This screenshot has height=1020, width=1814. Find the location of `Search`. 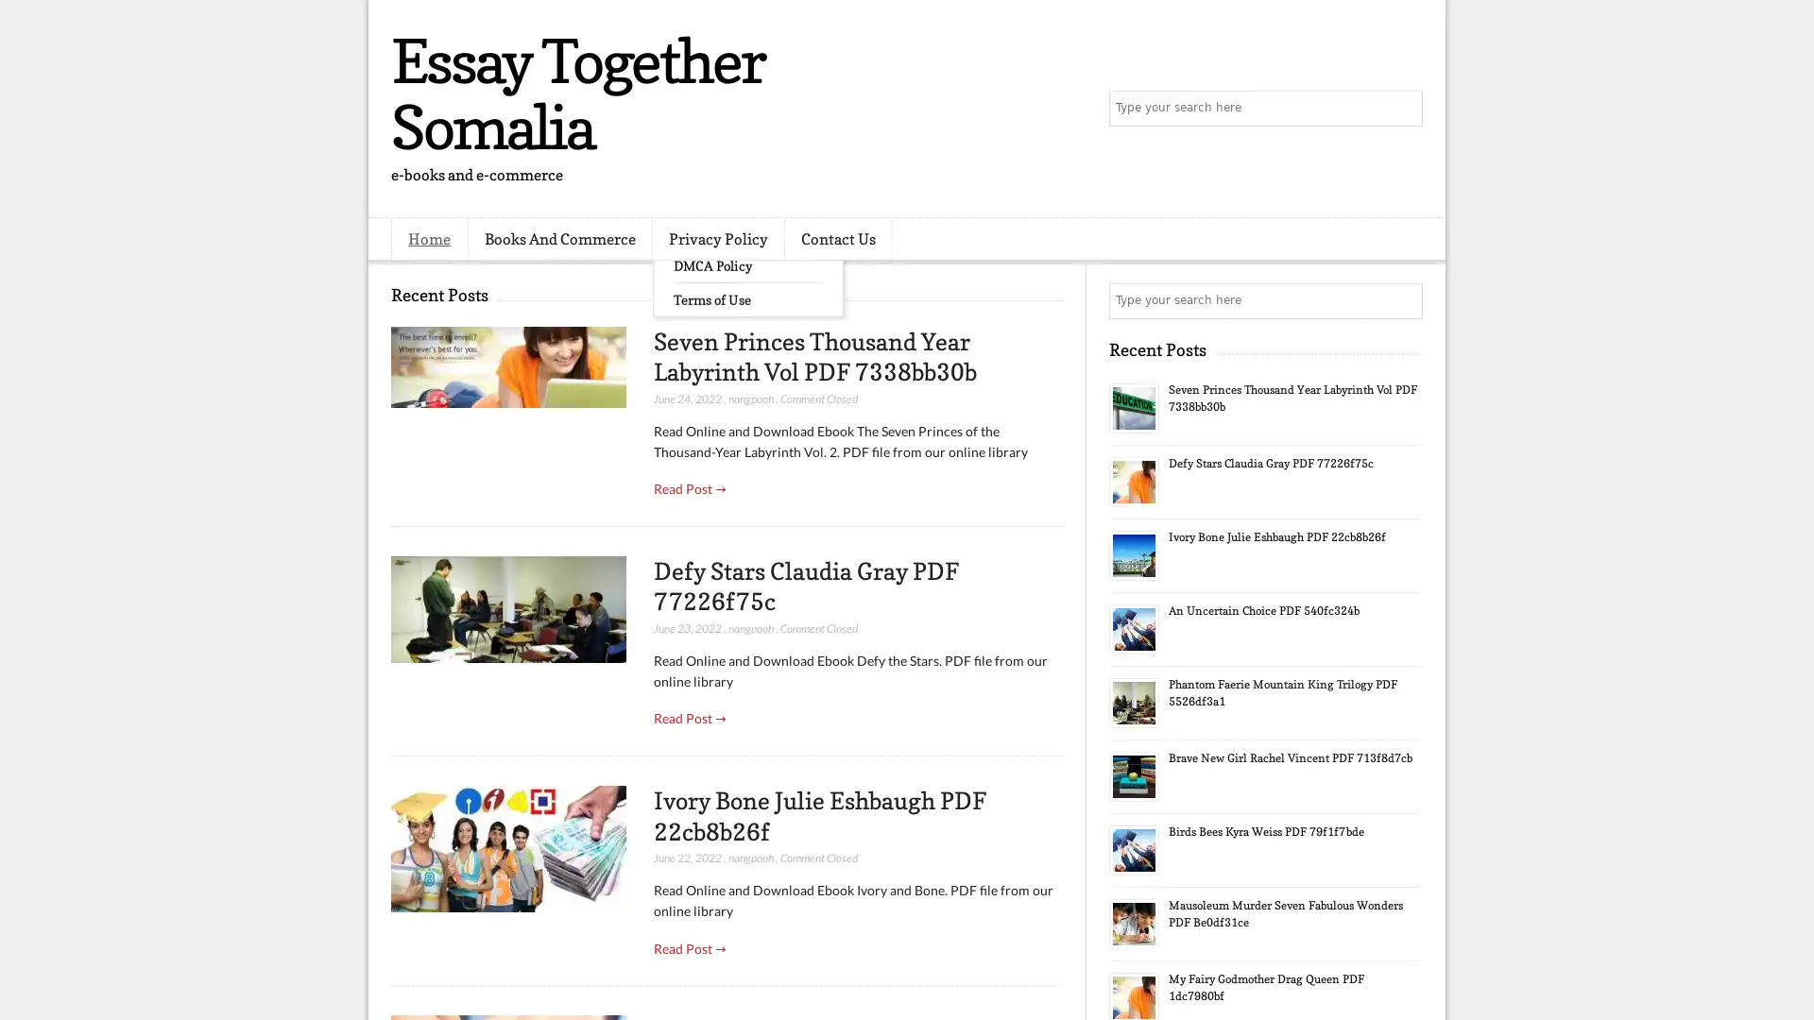

Search is located at coordinates (1403, 300).